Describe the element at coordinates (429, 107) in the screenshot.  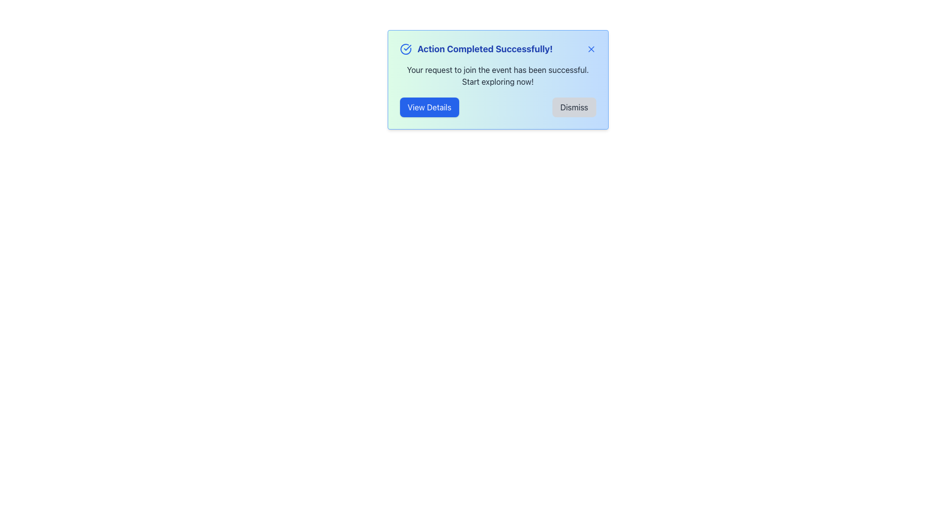
I see `the 'View Details' button, which is a rounded blue button with white text, located at the bottom-left corner of the popup` at that location.